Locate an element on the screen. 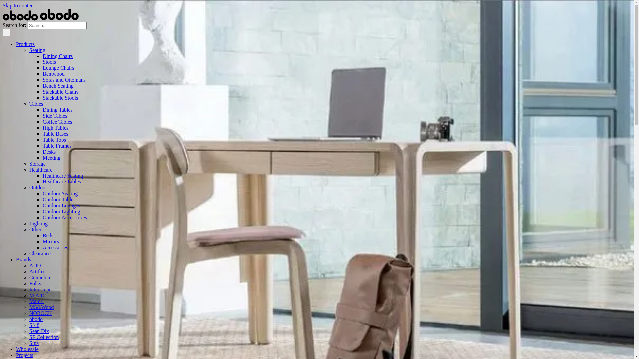 This screenshot has width=639, height=359. 'ADD' is located at coordinates (35, 265).